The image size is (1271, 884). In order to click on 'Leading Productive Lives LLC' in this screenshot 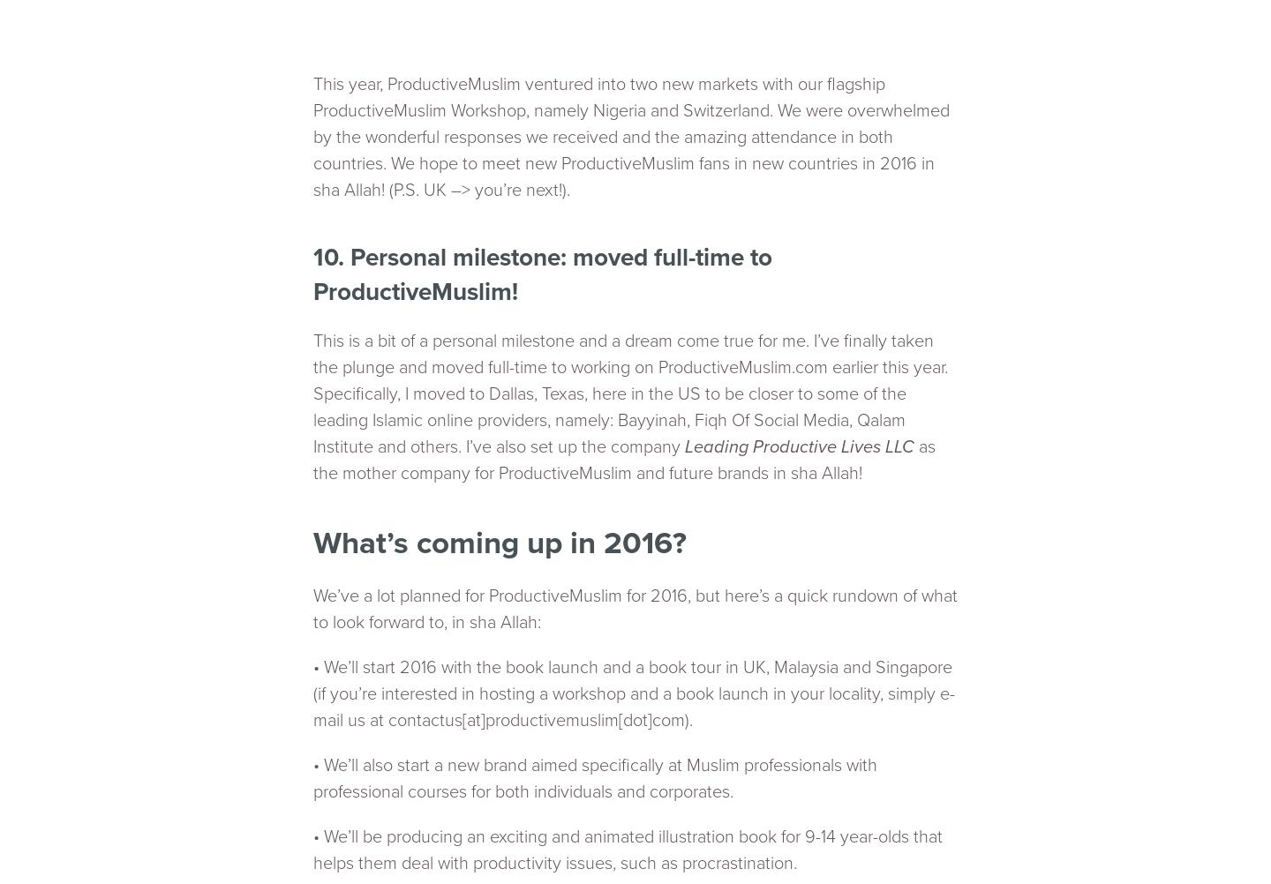, I will do `click(800, 447)`.